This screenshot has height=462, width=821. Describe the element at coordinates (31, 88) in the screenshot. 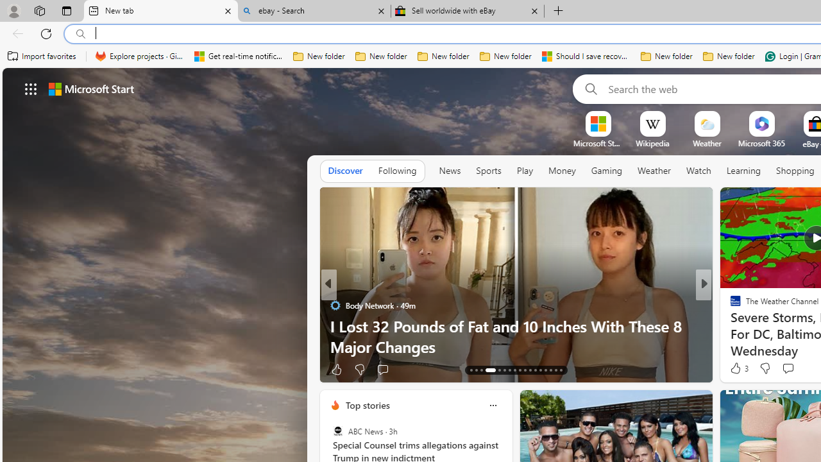

I see `'App launcher'` at that location.